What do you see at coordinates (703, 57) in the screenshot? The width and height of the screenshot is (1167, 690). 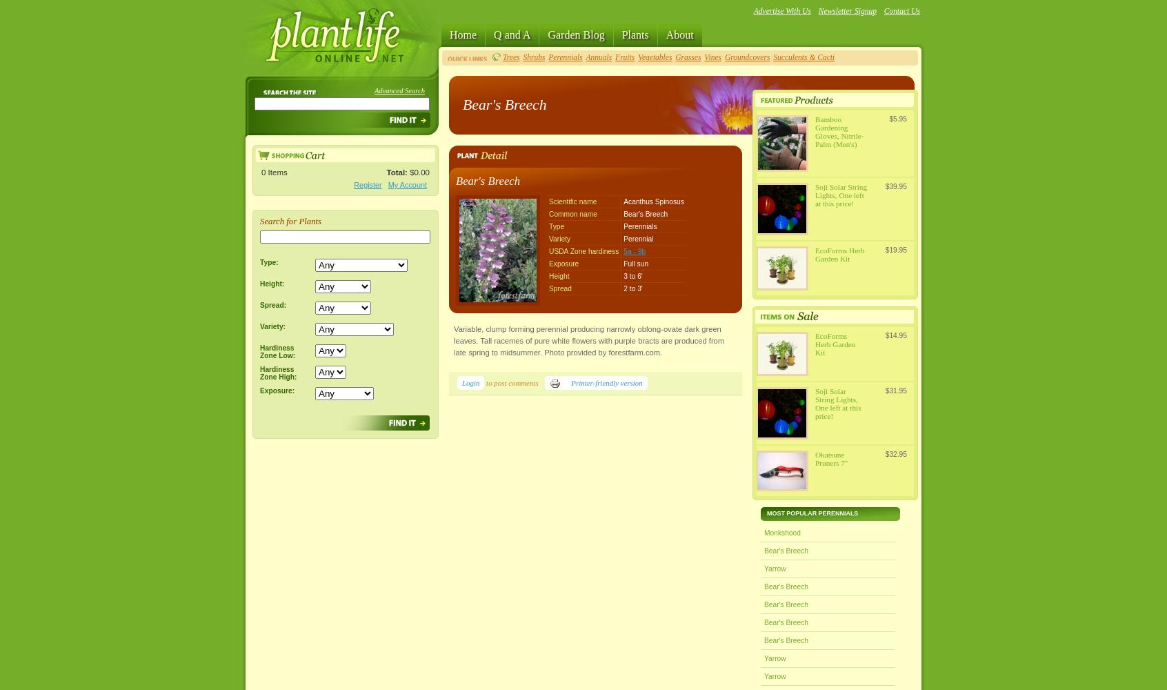 I see `'Vines'` at bounding box center [703, 57].